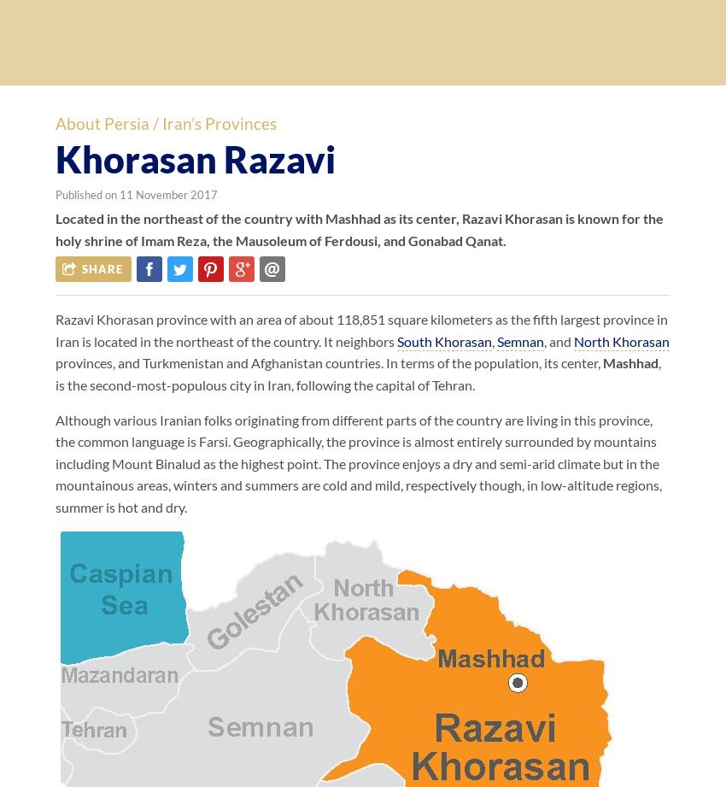 Image resolution: width=726 pixels, height=787 pixels. Describe the element at coordinates (108, 123) in the screenshot. I see `'About Persia /'` at that location.